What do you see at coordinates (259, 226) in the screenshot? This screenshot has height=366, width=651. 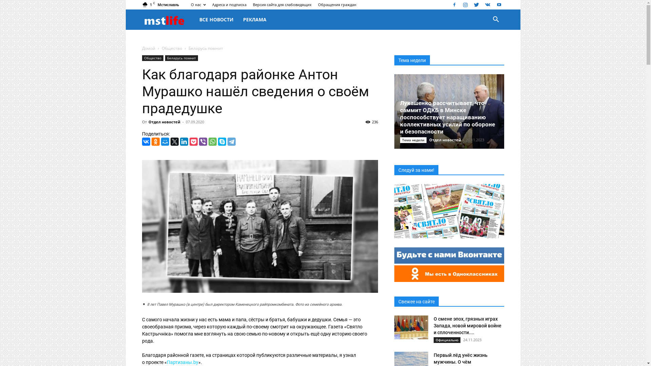 I see `'1'` at bounding box center [259, 226].